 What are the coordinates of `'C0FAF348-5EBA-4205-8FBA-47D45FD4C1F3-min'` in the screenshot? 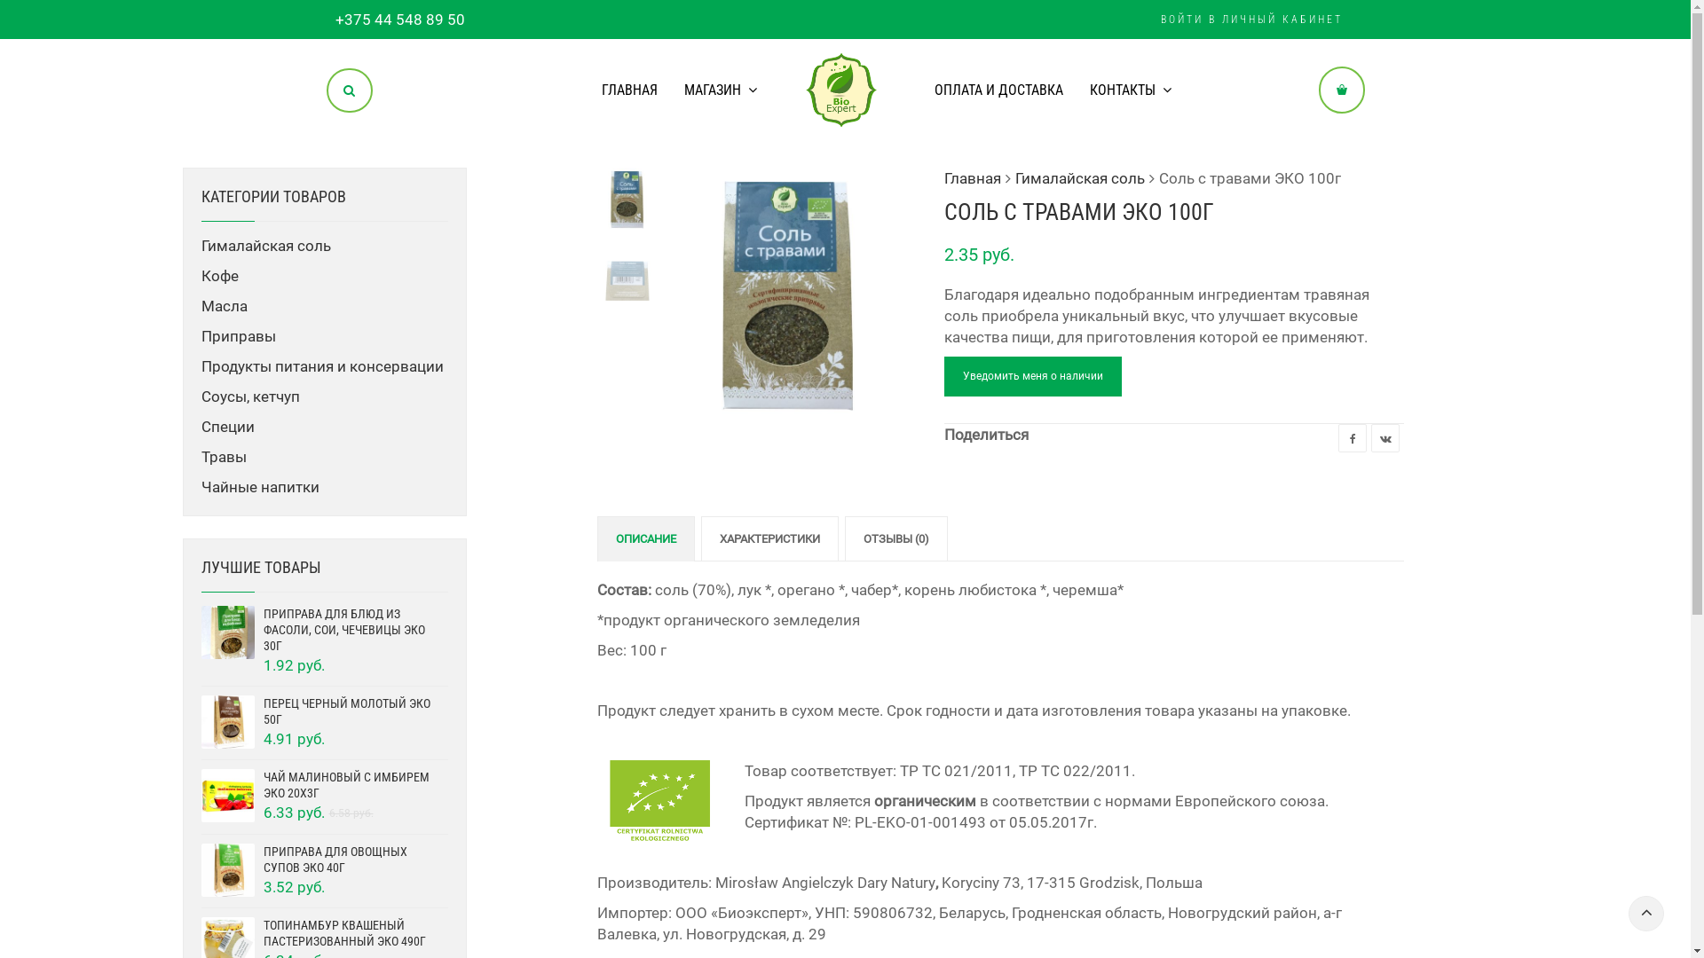 It's located at (1042, 291).